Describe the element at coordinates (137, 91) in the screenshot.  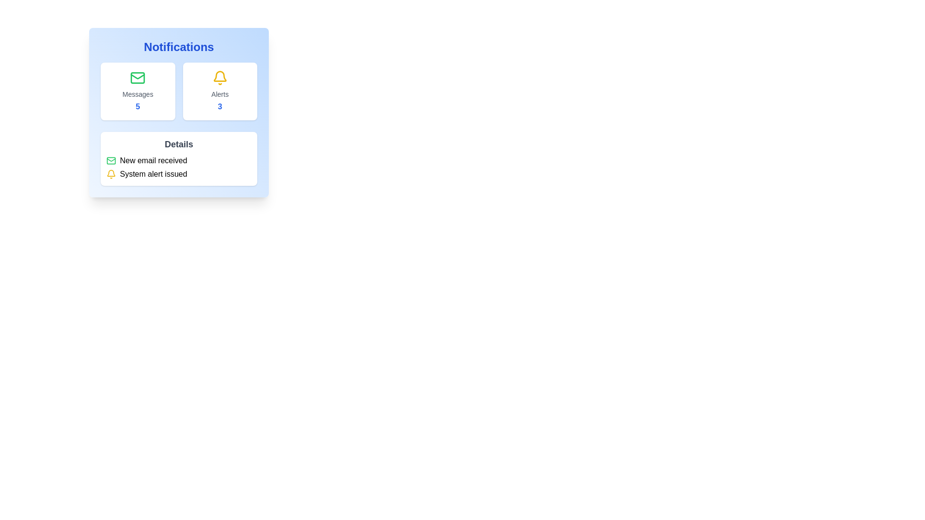
I see `the Information card with a green email icon at the top, labeled 'Messages' in gray, and displaying the number '5' in blue bold font, located to the left of the 'Alerts' card` at that location.